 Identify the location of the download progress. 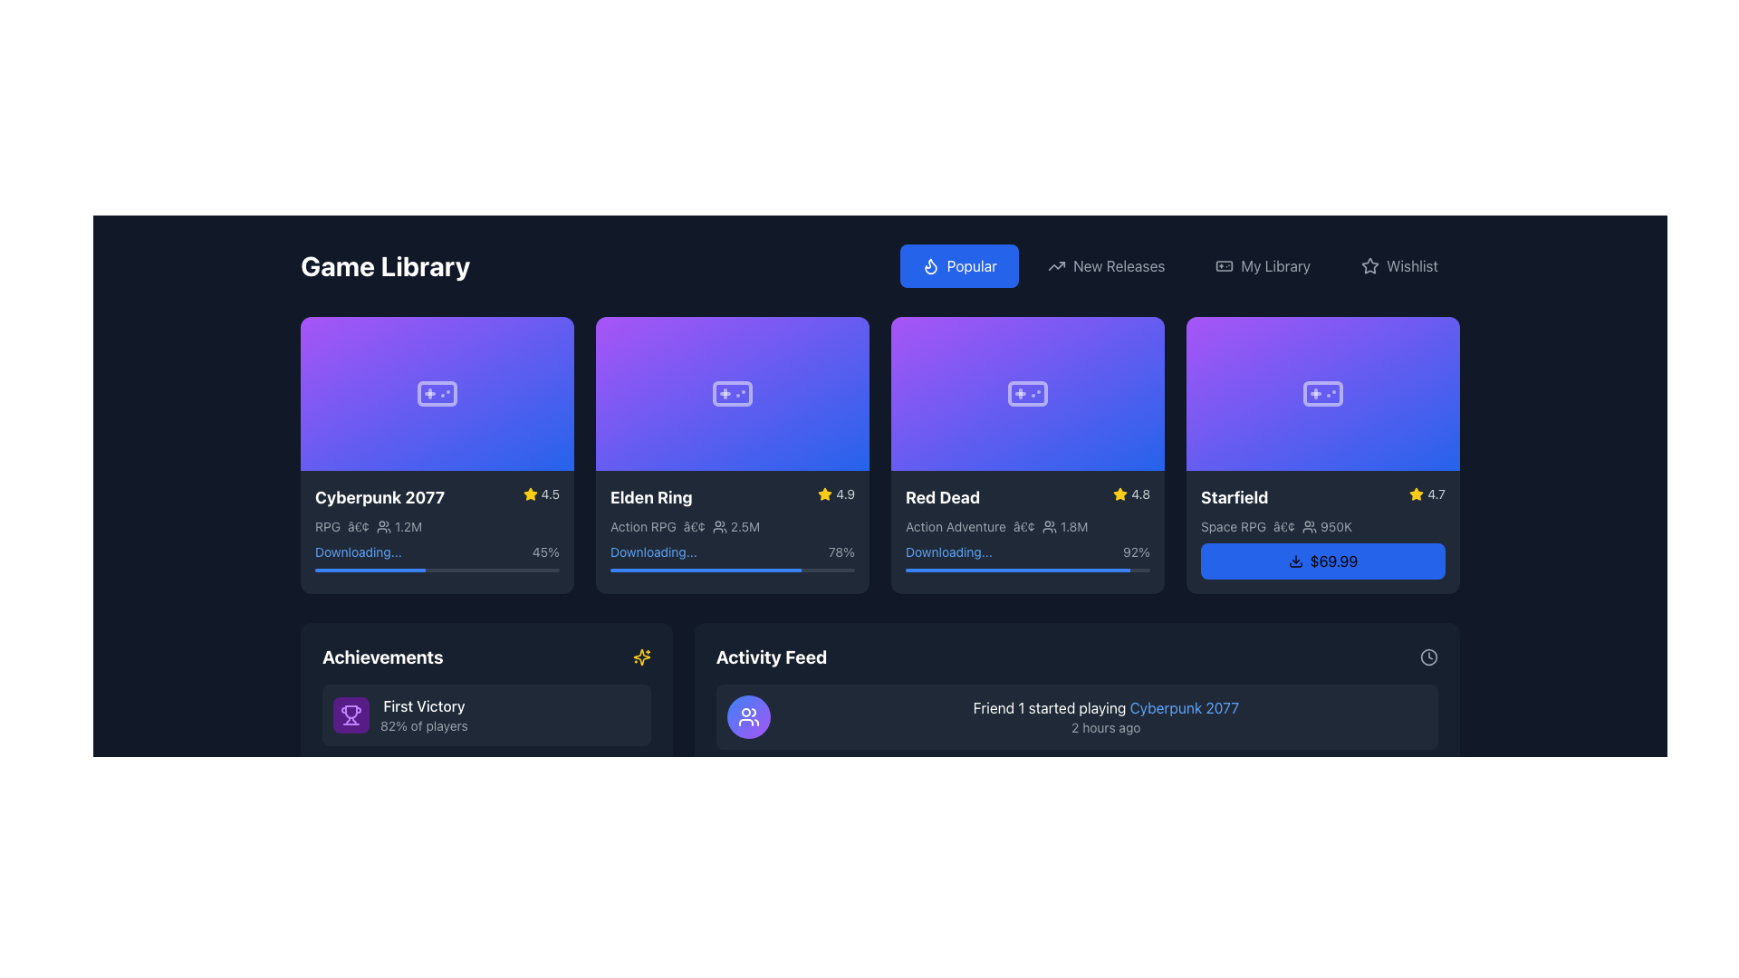
(912, 569).